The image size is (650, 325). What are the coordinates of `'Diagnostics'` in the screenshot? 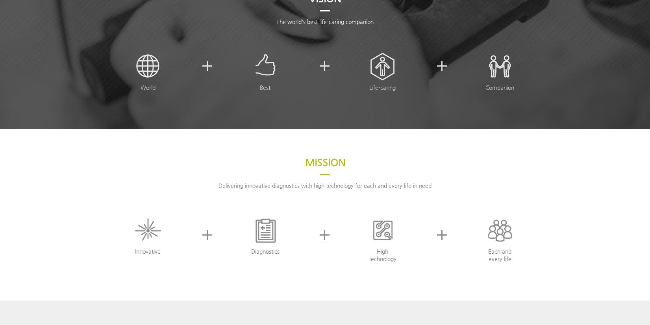 It's located at (265, 250).